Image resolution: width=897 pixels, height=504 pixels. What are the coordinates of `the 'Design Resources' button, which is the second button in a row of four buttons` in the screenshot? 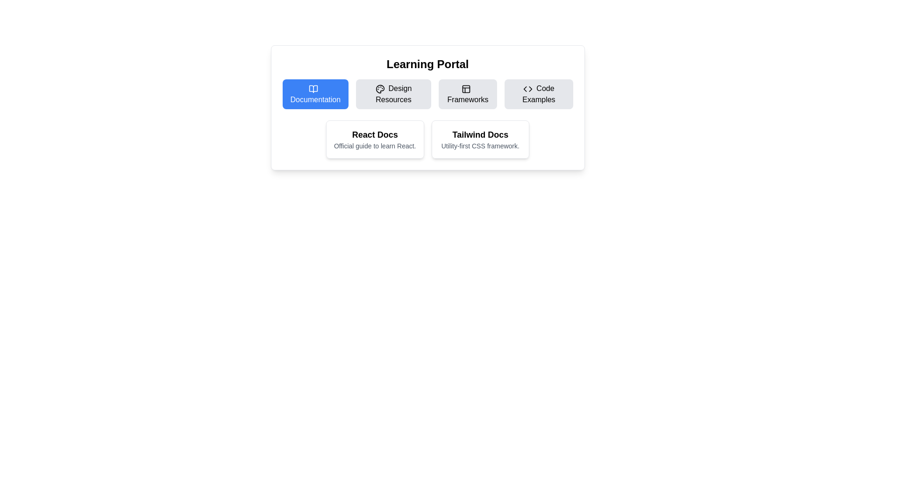 It's located at (393, 94).